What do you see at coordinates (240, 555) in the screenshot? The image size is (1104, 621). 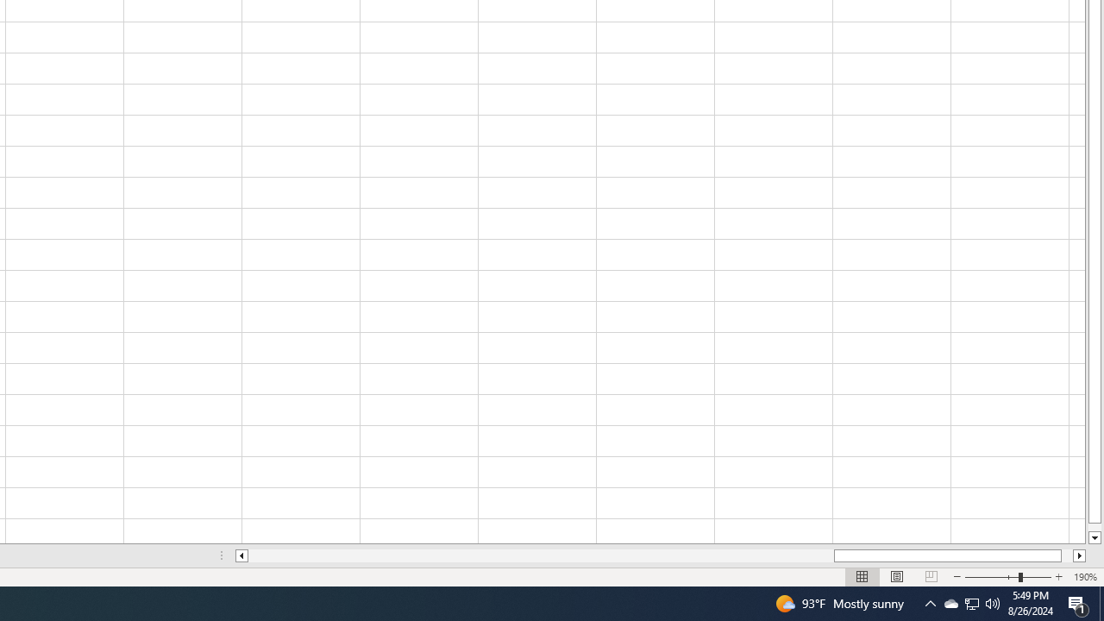 I see `'Column left'` at bounding box center [240, 555].